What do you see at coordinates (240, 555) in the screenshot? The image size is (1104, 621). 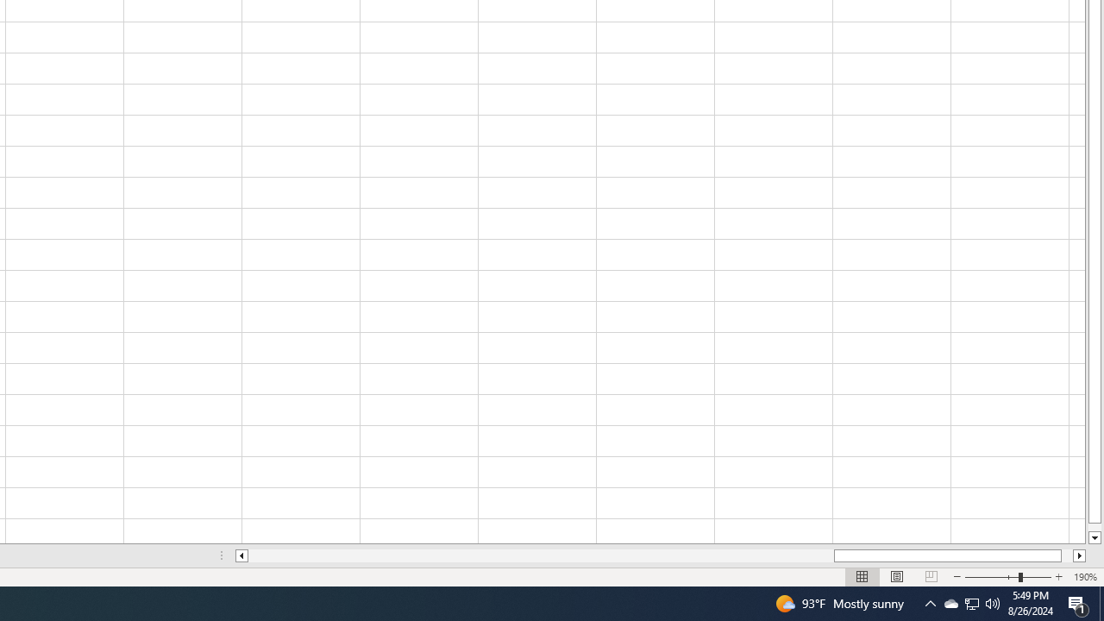 I see `'Column left'` at bounding box center [240, 555].